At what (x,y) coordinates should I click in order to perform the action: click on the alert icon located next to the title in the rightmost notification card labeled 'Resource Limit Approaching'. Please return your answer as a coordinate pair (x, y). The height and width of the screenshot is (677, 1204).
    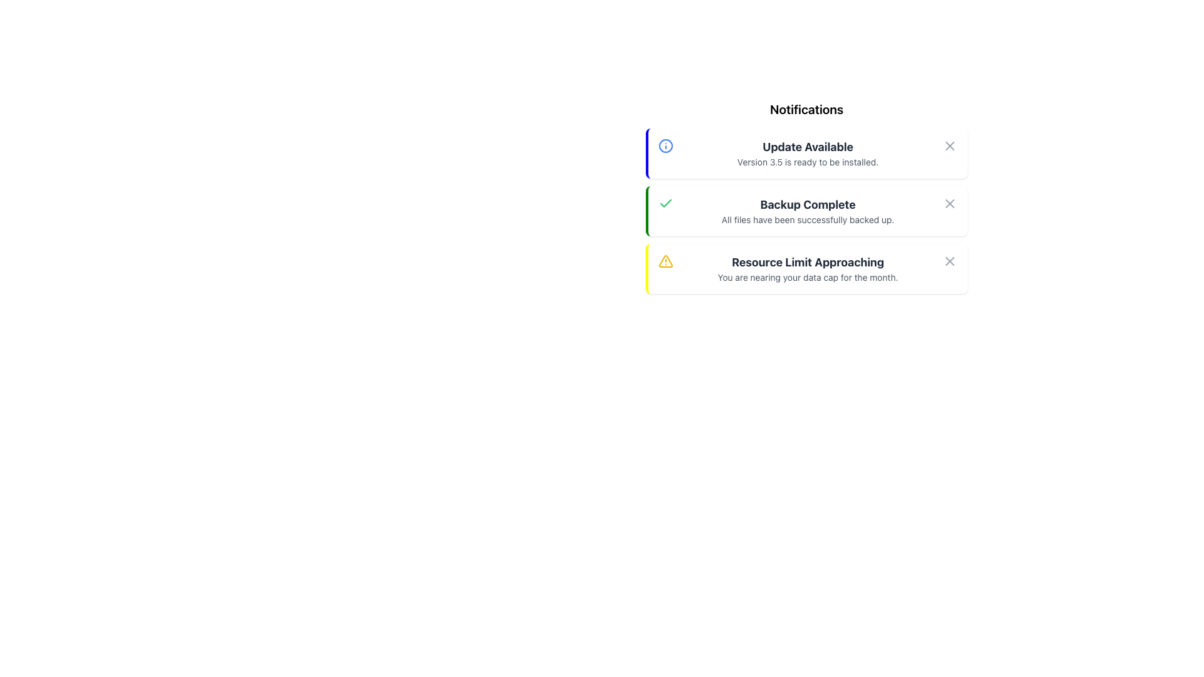
    Looking at the image, I should click on (665, 260).